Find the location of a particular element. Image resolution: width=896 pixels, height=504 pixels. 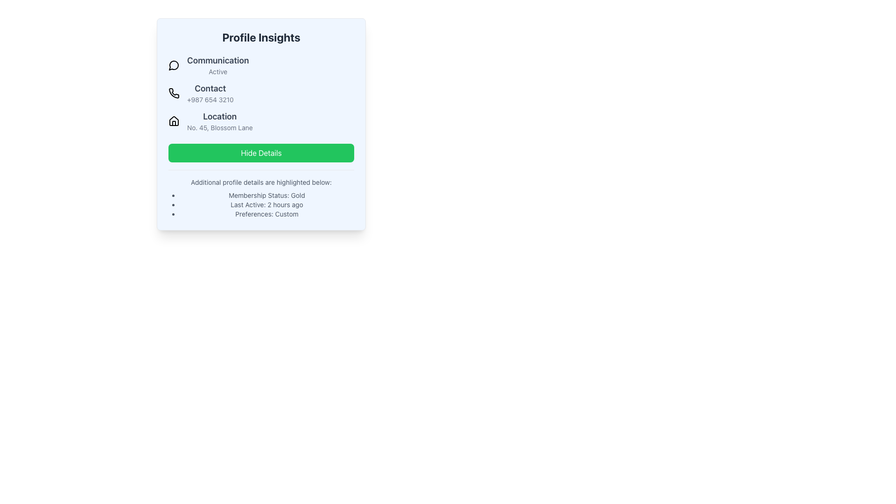

contents of the Informational Display located in the 'Profile Insights' section, which is the third item in a vertical list, positioned below 'Contact' and above the 'Hide Details' button is located at coordinates (261, 120).